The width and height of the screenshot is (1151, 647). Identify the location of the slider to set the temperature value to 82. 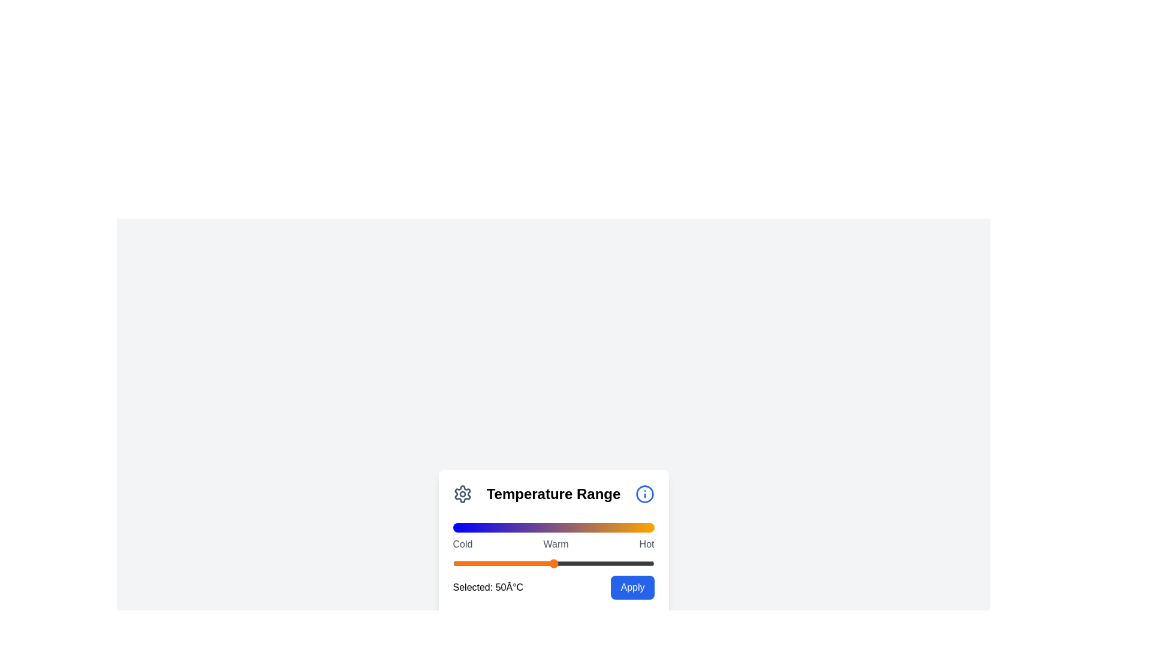
(618, 564).